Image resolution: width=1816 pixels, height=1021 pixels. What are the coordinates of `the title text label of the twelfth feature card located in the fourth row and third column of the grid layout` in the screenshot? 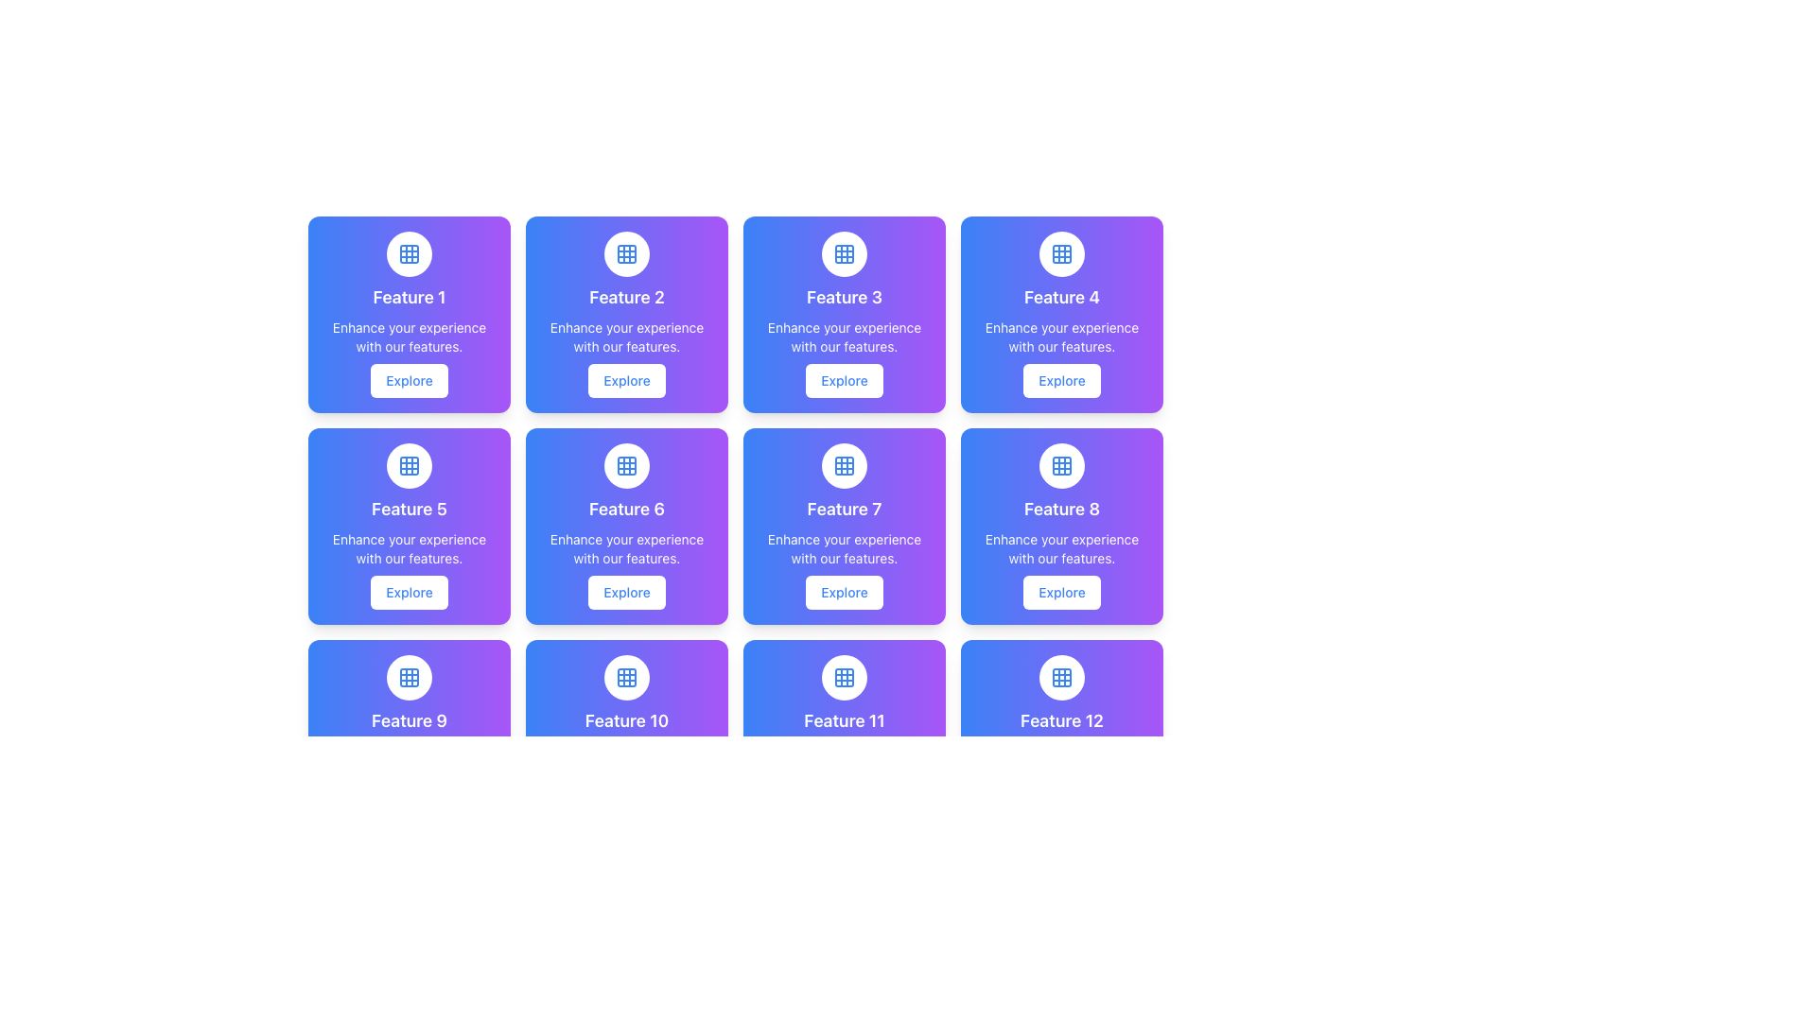 It's located at (1062, 721).